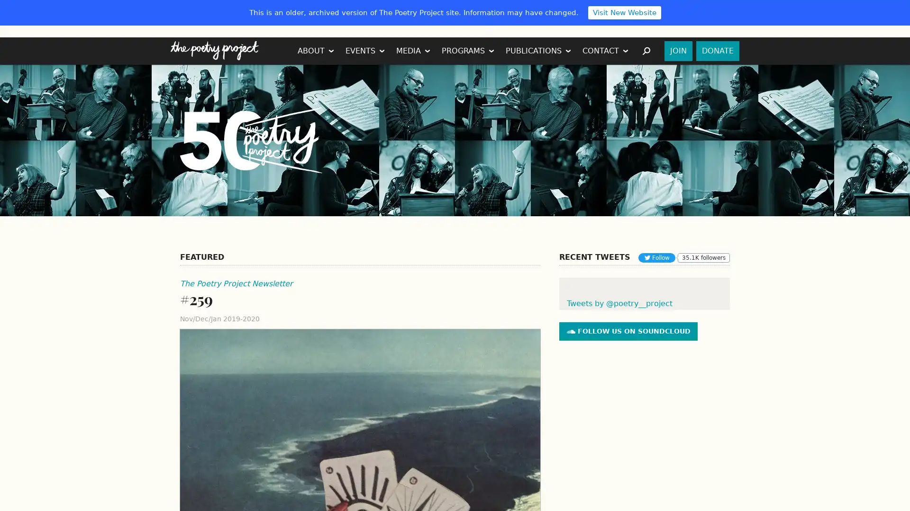 The image size is (910, 511). What do you see at coordinates (647, 51) in the screenshot?
I see `SEARCH` at bounding box center [647, 51].